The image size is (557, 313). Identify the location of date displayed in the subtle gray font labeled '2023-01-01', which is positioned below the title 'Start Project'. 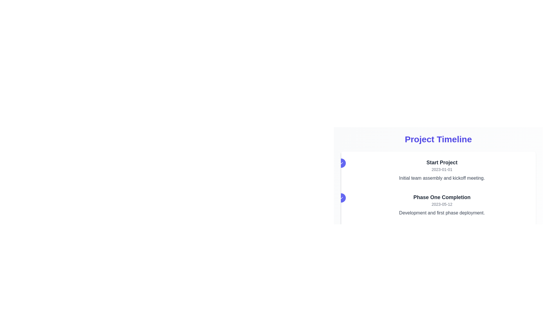
(442, 170).